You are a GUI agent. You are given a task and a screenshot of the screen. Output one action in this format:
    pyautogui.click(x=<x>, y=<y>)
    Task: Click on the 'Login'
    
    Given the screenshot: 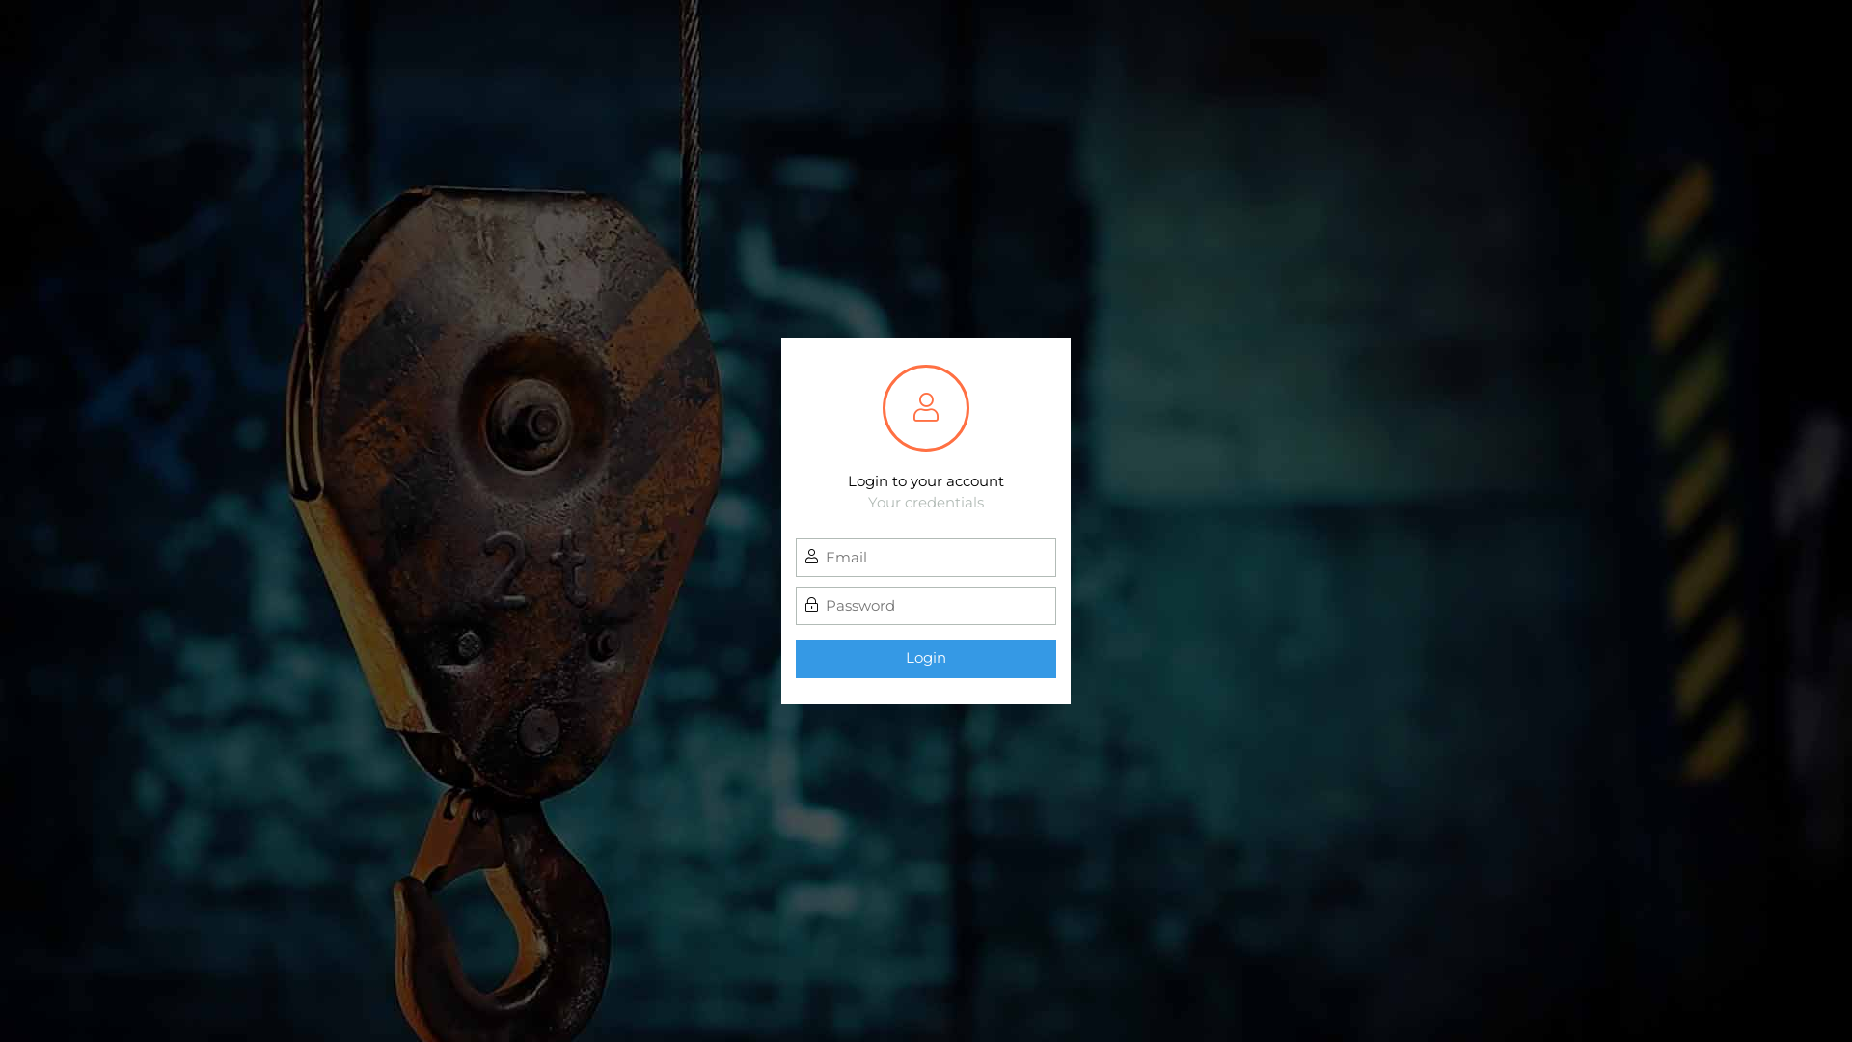 What is the action you would take?
    pyautogui.click(x=926, y=657)
    